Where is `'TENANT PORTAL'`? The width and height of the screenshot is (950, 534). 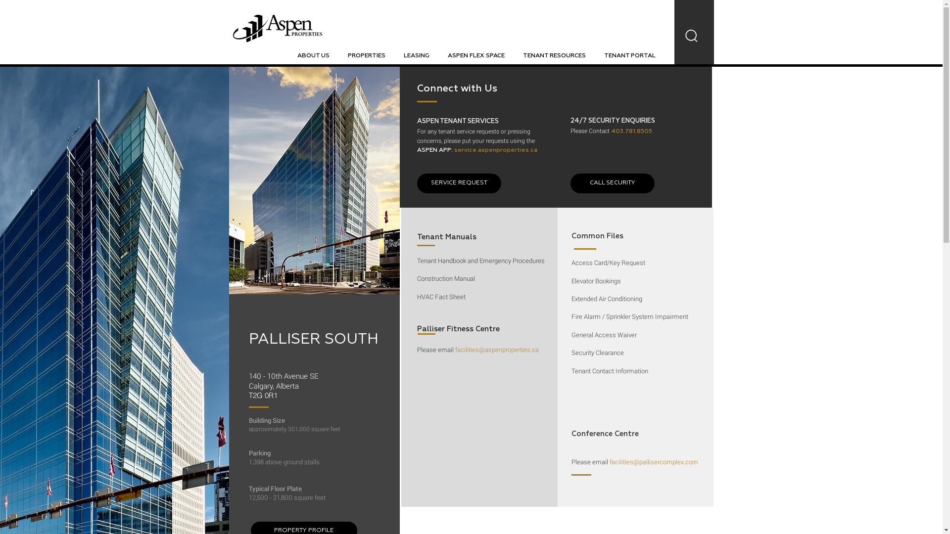 'TENANT PORTAL' is located at coordinates (629, 55).